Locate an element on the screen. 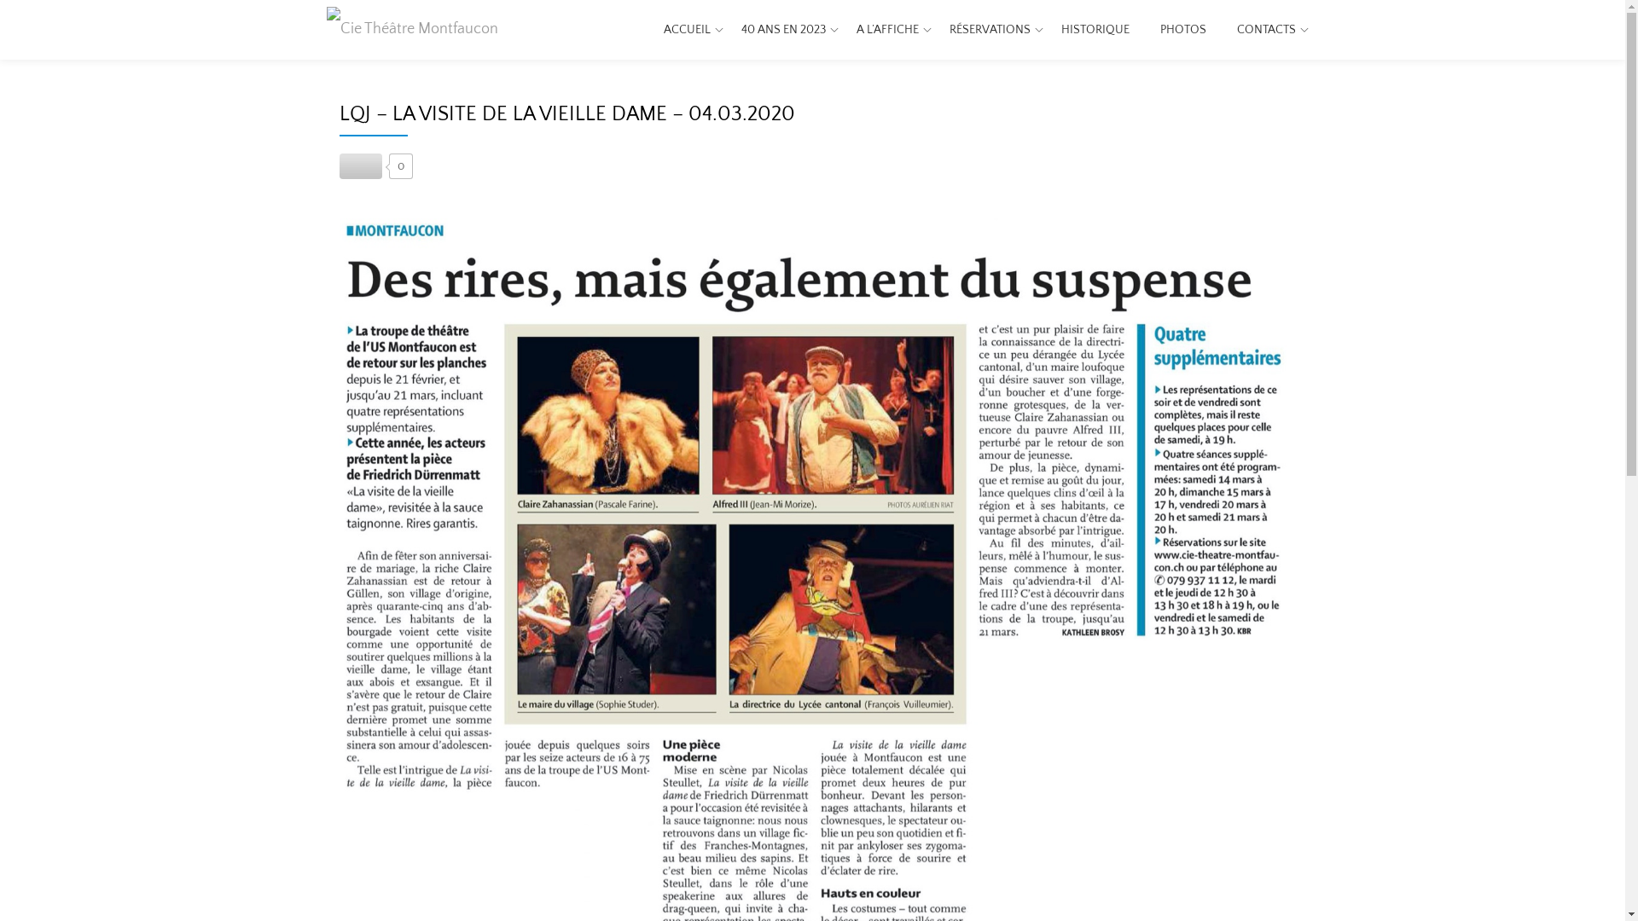 The image size is (1638, 921). 'ACCUEIL' is located at coordinates (687, 29).